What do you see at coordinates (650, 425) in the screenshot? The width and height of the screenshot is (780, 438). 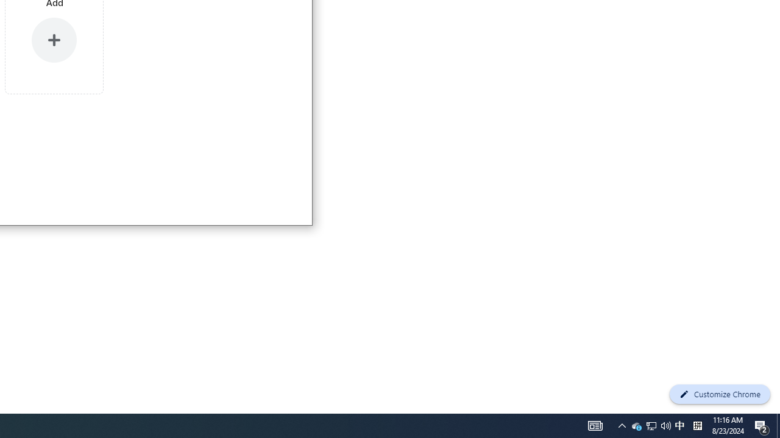 I see `'User Promoted Notification Area'` at bounding box center [650, 425].